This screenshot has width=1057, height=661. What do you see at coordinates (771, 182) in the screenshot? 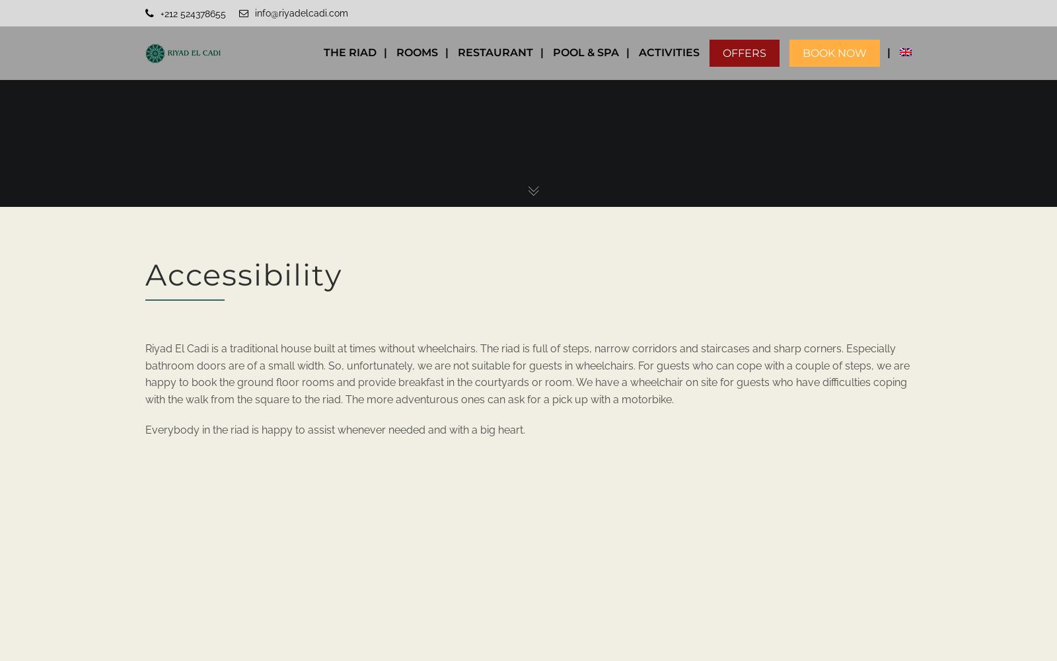
I see `'Friends of El Cadi'` at bounding box center [771, 182].